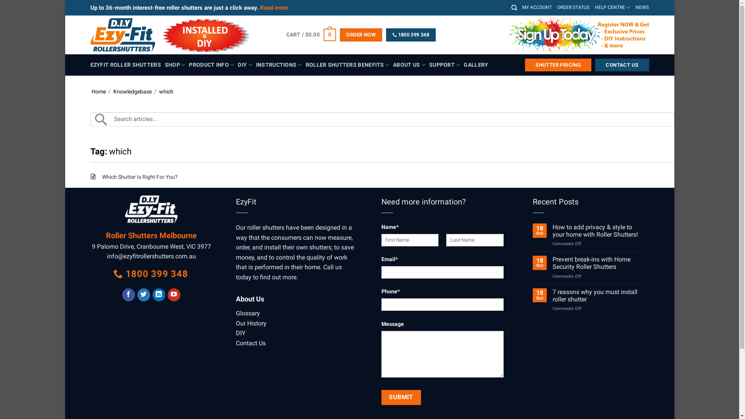 The width and height of the screenshot is (745, 419). Describe the element at coordinates (151, 256) in the screenshot. I see `'info@ezyfitrollershutters.com.au'` at that location.